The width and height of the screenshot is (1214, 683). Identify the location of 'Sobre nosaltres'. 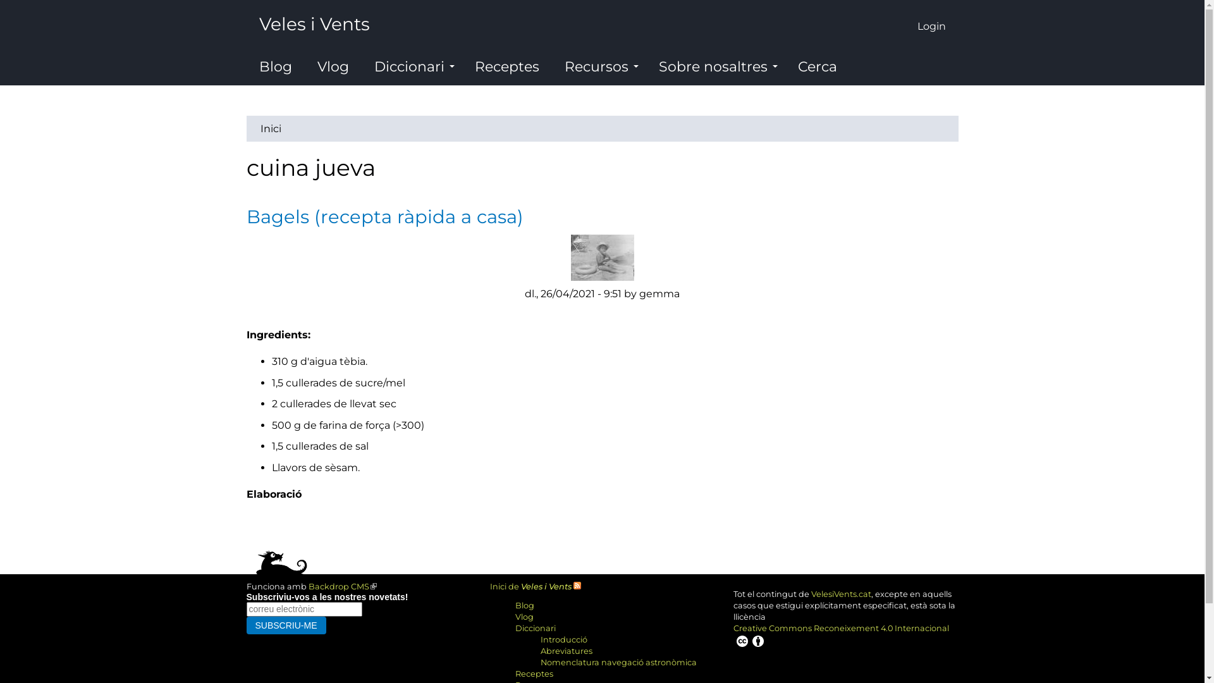
(716, 66).